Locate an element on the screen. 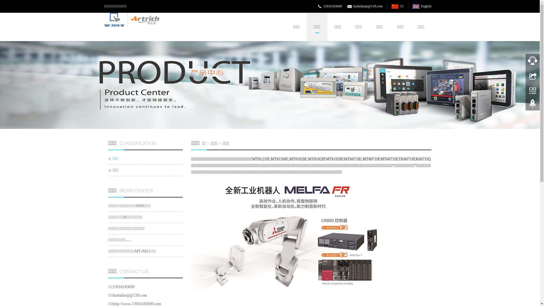 The height and width of the screenshot is (306, 544). 'English' is located at coordinates (422, 6).